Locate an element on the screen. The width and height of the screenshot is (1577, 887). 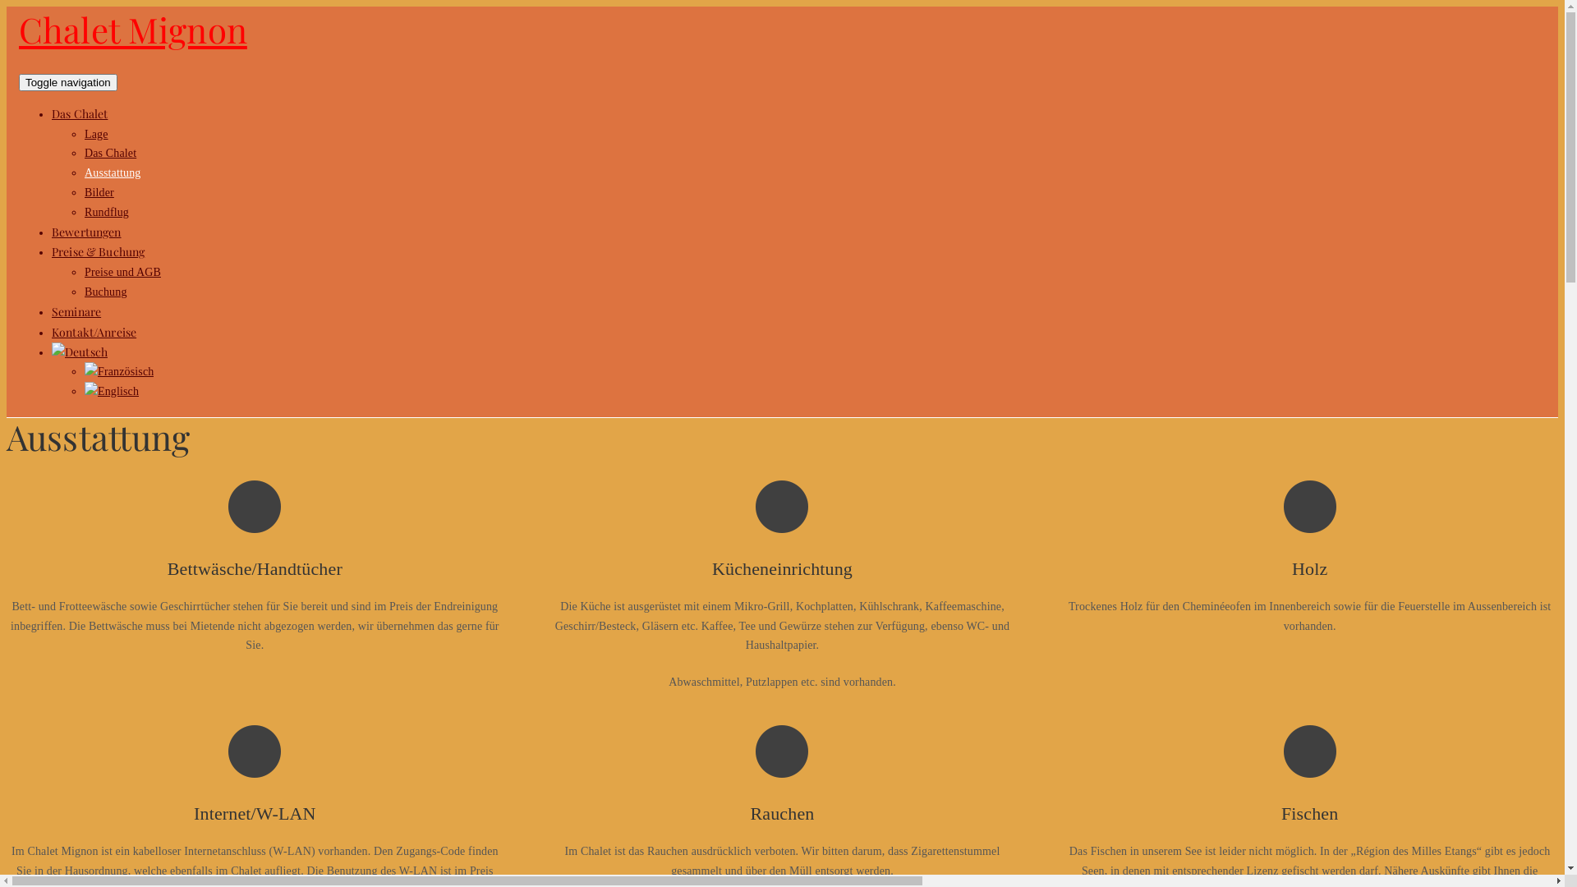
'Preise und AGB' is located at coordinates (122, 271).